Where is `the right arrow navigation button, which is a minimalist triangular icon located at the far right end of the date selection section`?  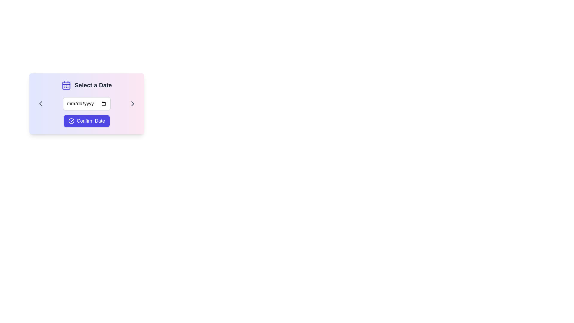 the right arrow navigation button, which is a minimalist triangular icon located at the far right end of the date selection section is located at coordinates (132, 103).